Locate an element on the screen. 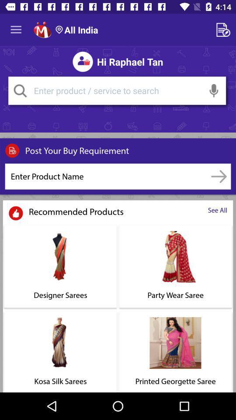  the microphone icon is located at coordinates (213, 91).